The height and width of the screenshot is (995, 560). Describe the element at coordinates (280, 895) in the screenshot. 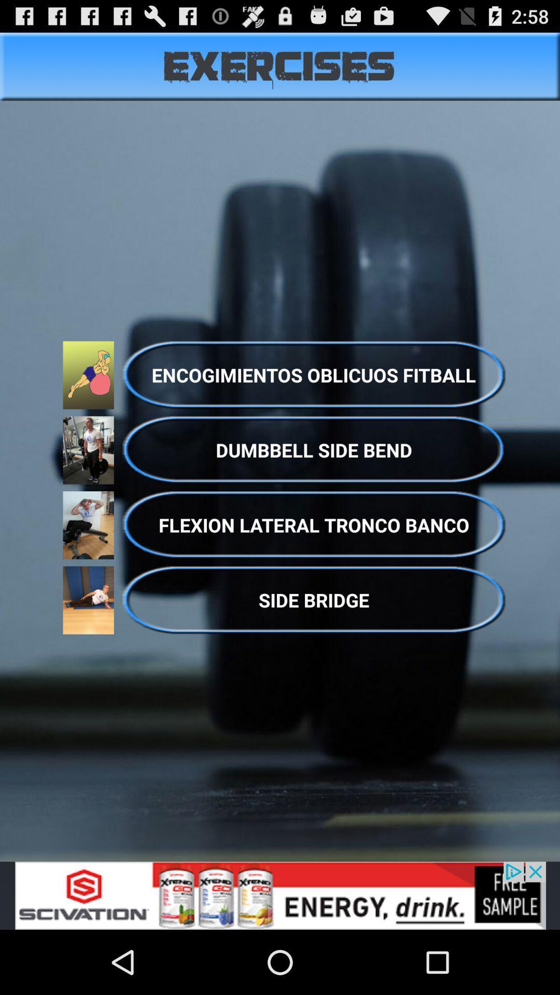

I see `the option` at that location.